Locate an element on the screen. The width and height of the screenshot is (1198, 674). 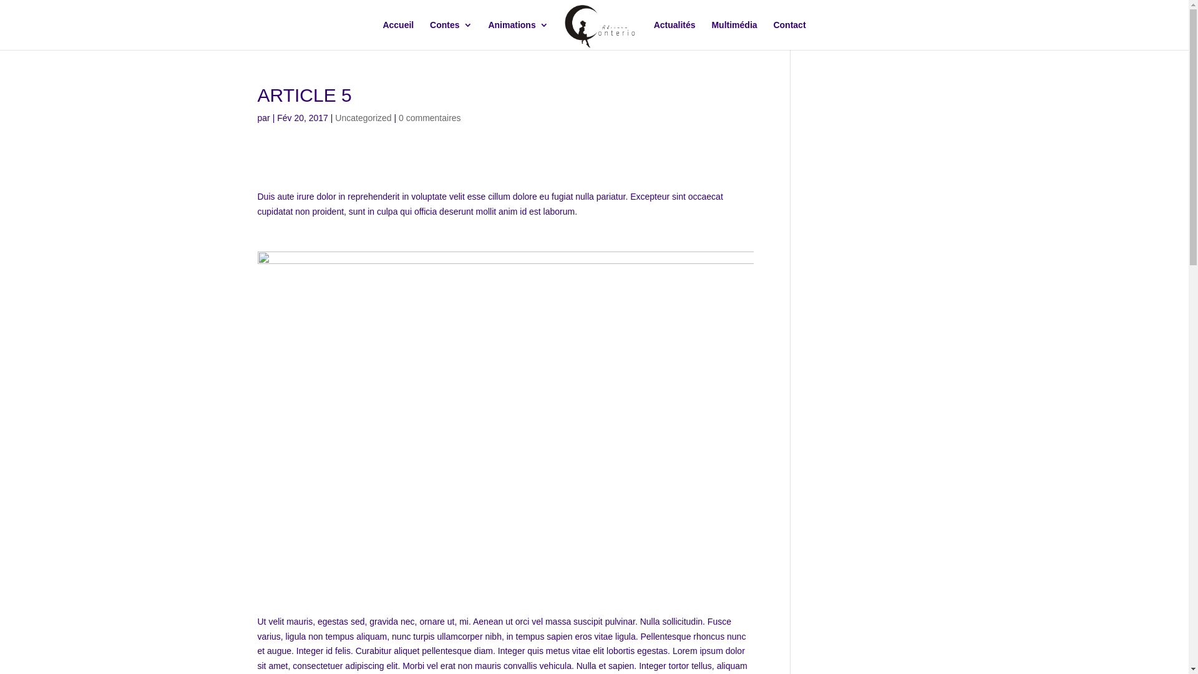
'0 commentaires' is located at coordinates (430, 118).